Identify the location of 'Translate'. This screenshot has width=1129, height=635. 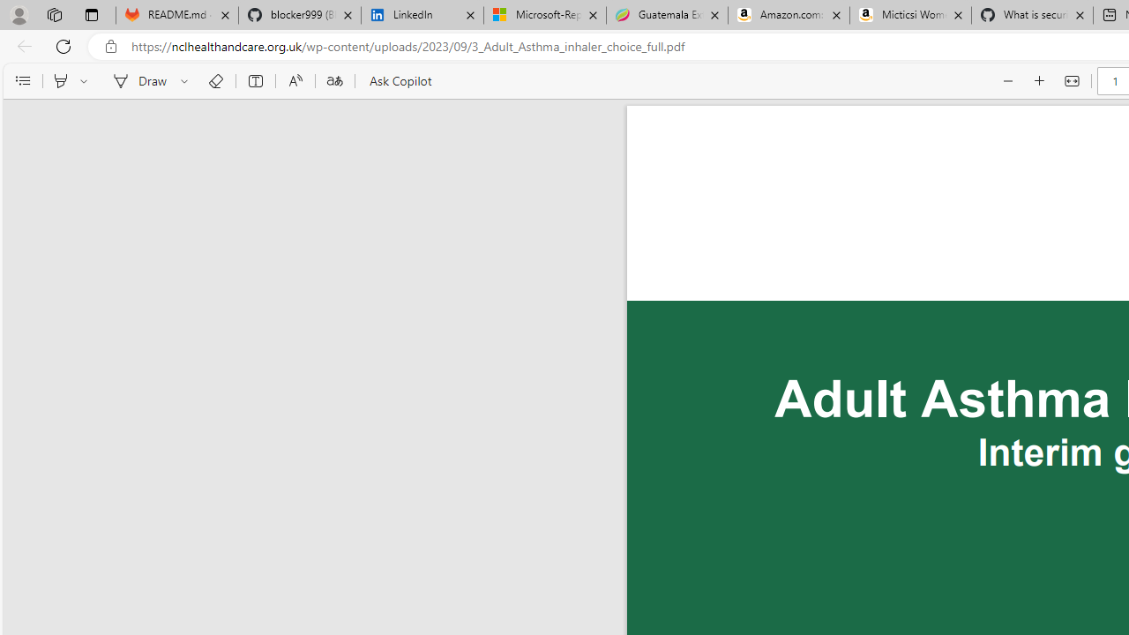
(334, 81).